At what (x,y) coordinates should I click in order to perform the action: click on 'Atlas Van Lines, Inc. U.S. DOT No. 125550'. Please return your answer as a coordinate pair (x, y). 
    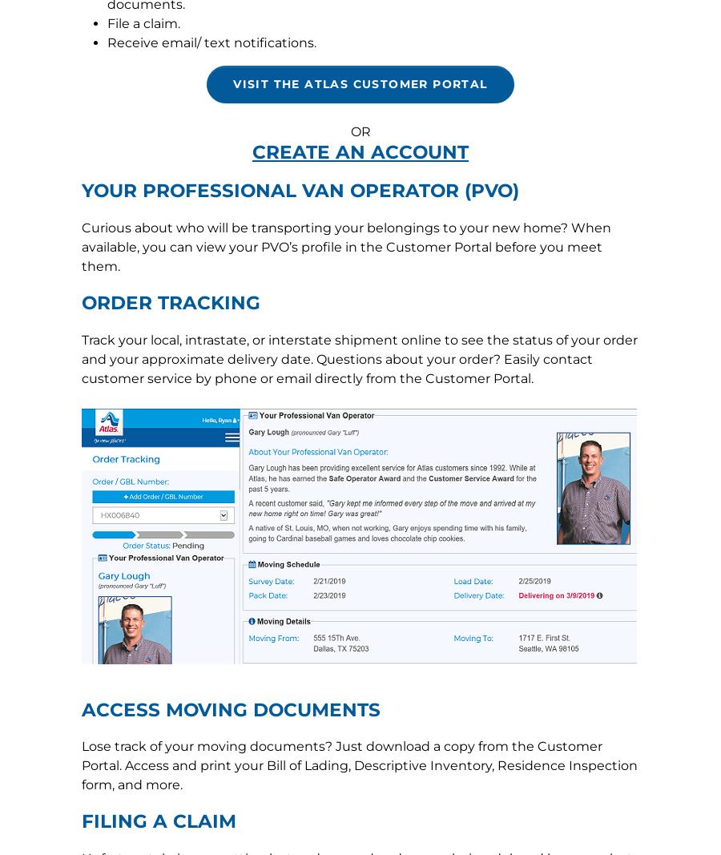
    Looking at the image, I should click on (360, 345).